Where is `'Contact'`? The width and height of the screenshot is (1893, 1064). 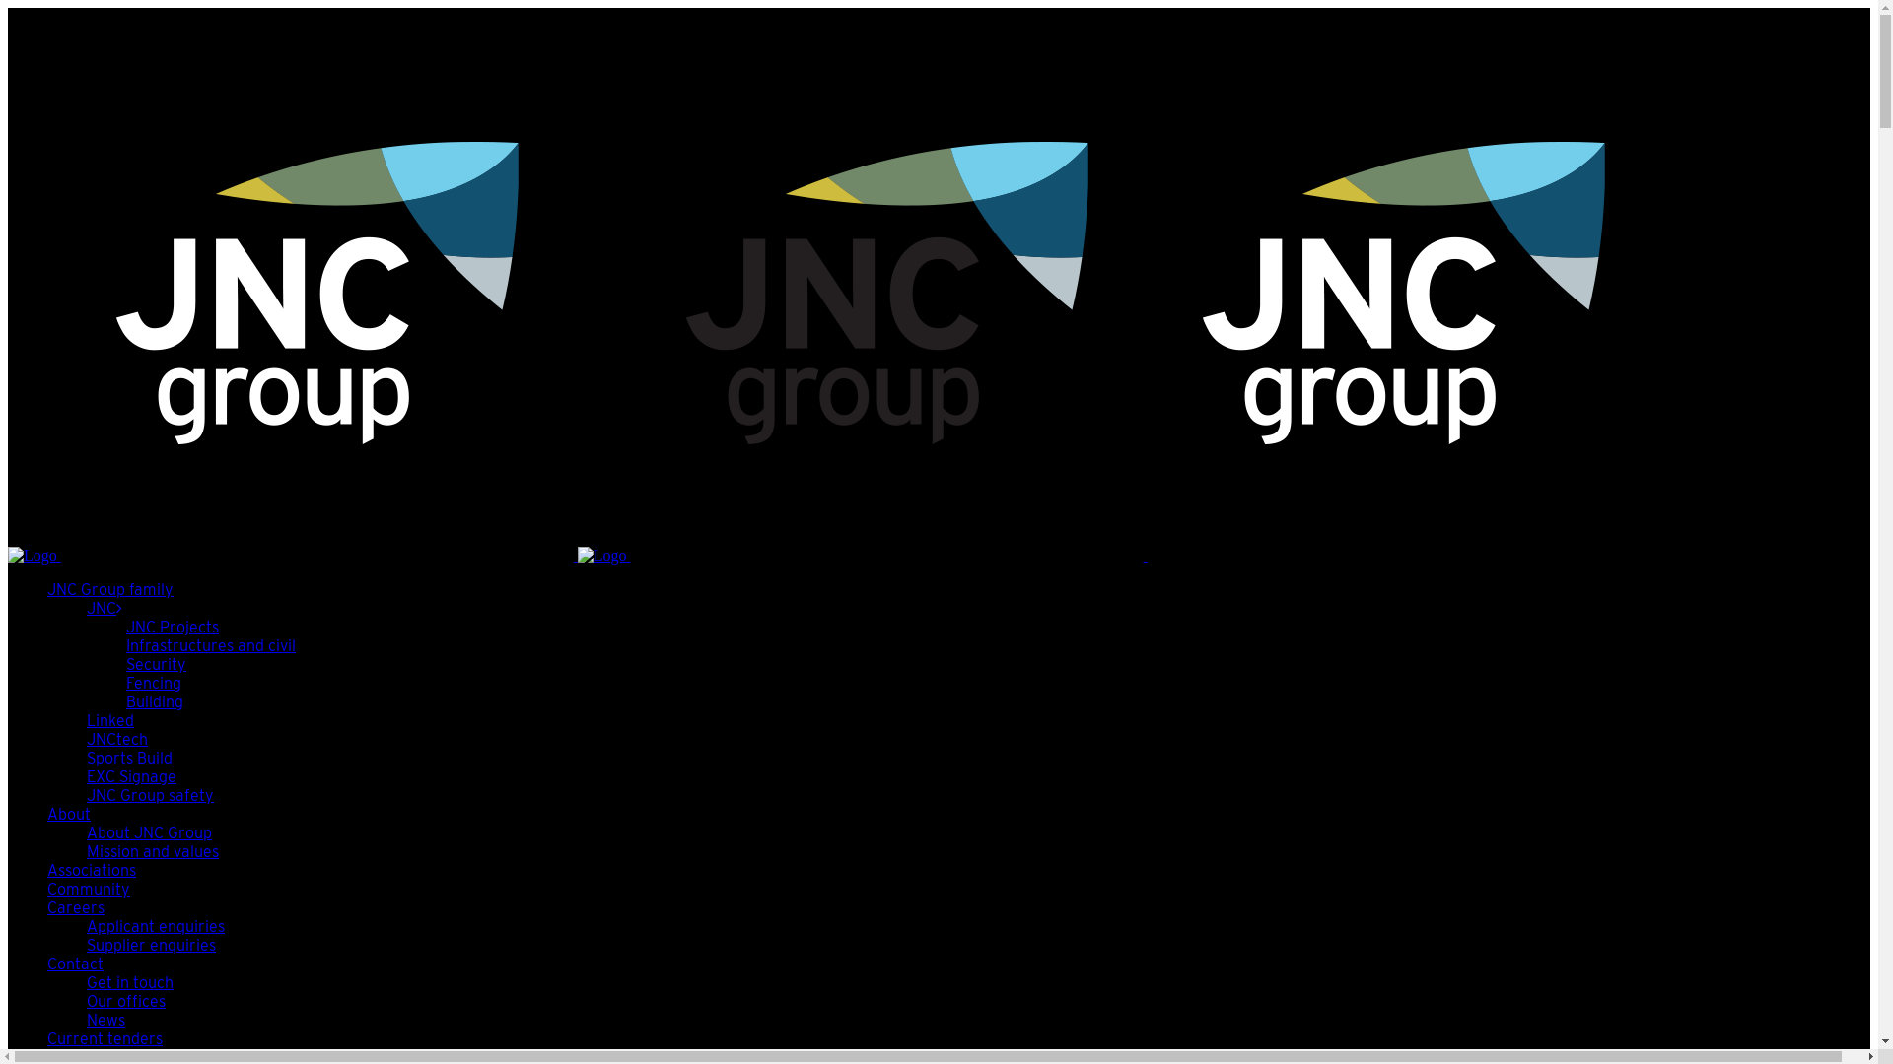 'Contact' is located at coordinates (47, 963).